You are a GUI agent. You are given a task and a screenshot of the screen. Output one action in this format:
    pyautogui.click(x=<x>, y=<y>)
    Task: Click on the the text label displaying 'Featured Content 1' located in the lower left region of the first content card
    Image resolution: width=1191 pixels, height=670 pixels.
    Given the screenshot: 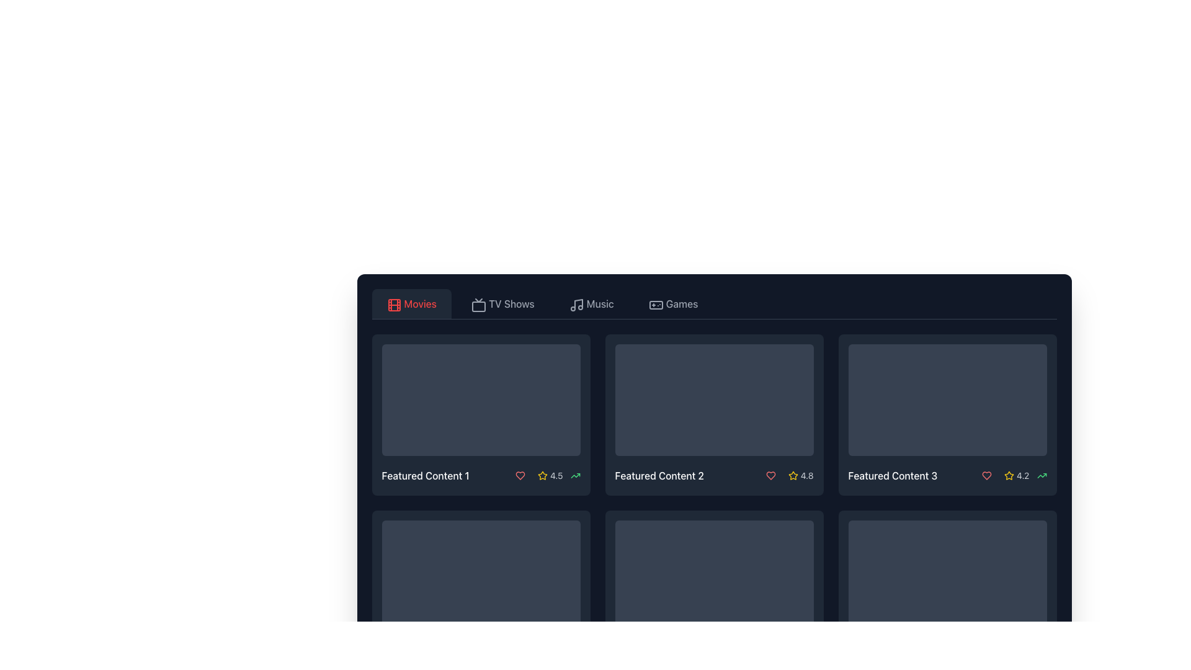 What is the action you would take?
    pyautogui.click(x=426, y=475)
    